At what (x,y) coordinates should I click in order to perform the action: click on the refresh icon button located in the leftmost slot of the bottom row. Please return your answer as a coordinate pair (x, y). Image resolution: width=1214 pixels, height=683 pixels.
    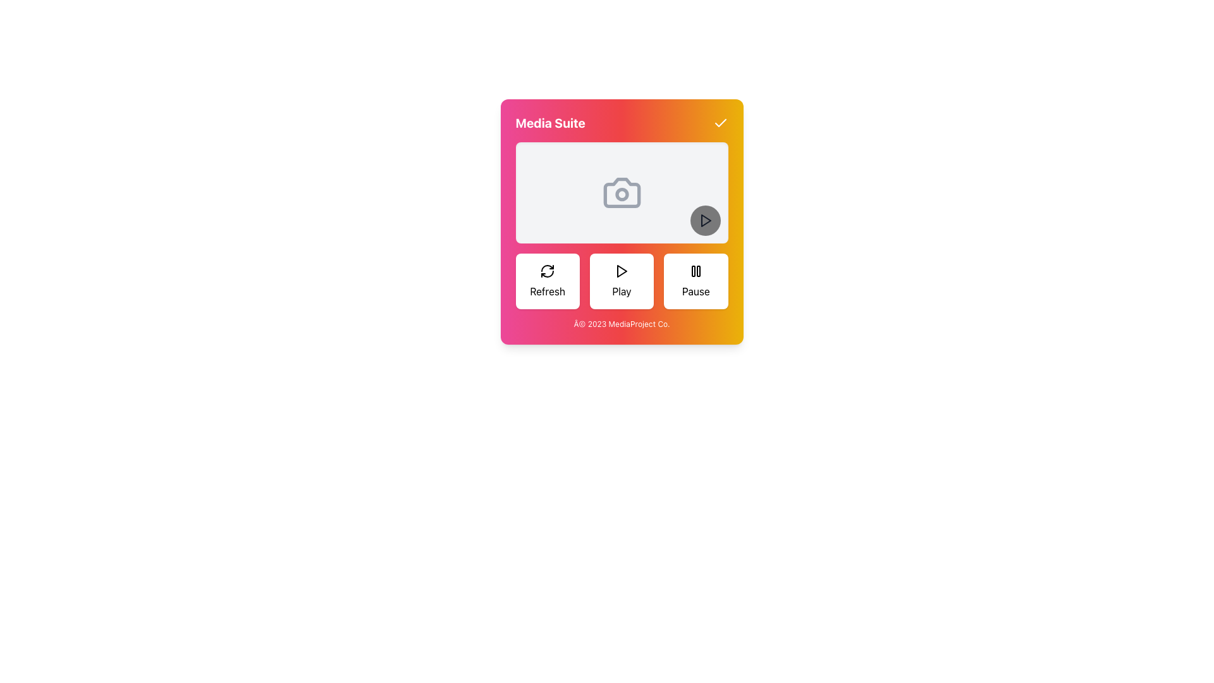
    Looking at the image, I should click on (548, 270).